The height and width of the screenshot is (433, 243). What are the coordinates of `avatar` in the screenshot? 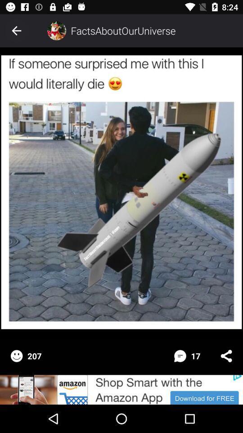 It's located at (56, 31).